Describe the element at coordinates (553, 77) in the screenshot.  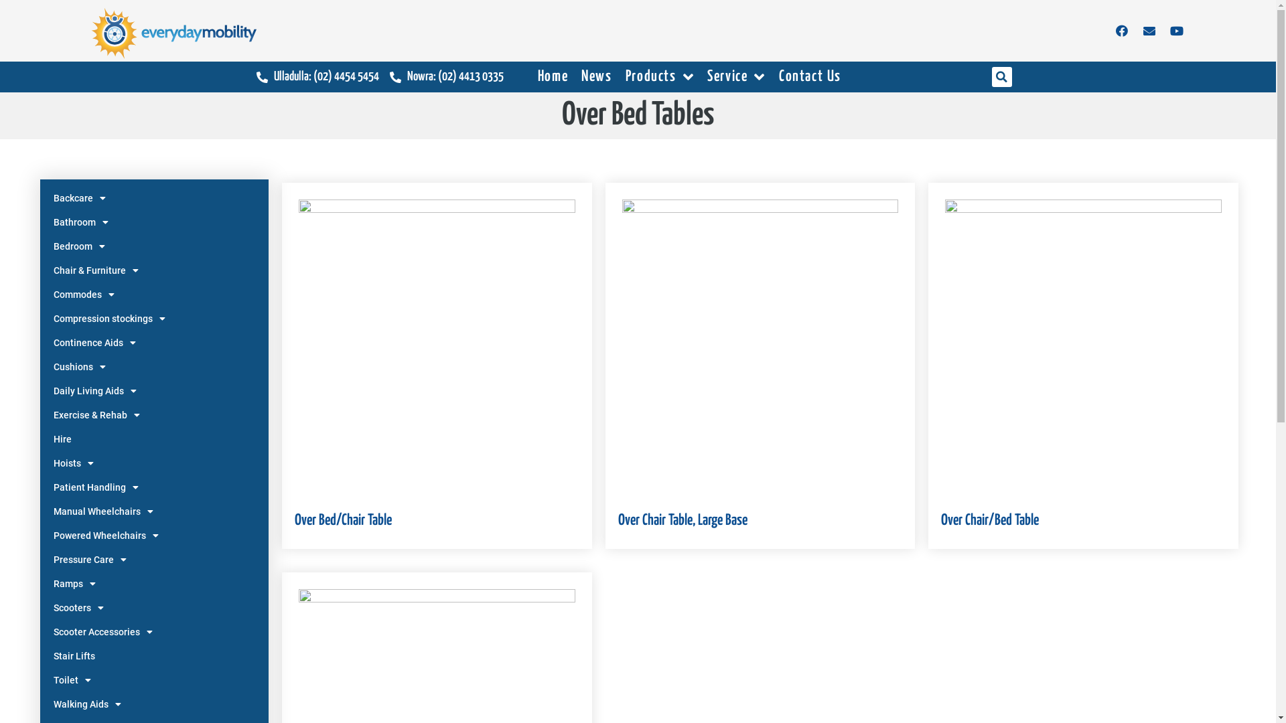
I see `'Home'` at that location.